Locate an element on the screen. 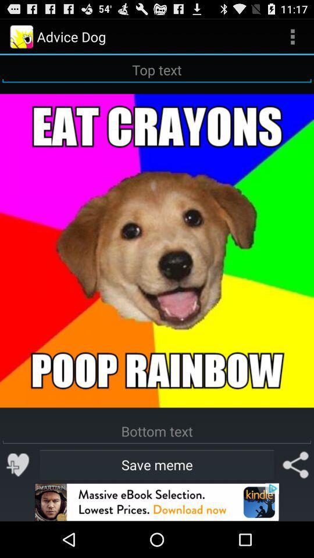 The height and width of the screenshot is (558, 314). text is located at coordinates (157, 431).